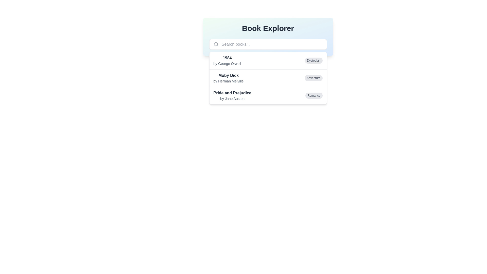 The image size is (487, 274). Describe the element at coordinates (216, 44) in the screenshot. I see `the inner circular part of the search icon resembling a magnifying glass located at the left side of the search input field under the title 'Book Explorer'` at that location.